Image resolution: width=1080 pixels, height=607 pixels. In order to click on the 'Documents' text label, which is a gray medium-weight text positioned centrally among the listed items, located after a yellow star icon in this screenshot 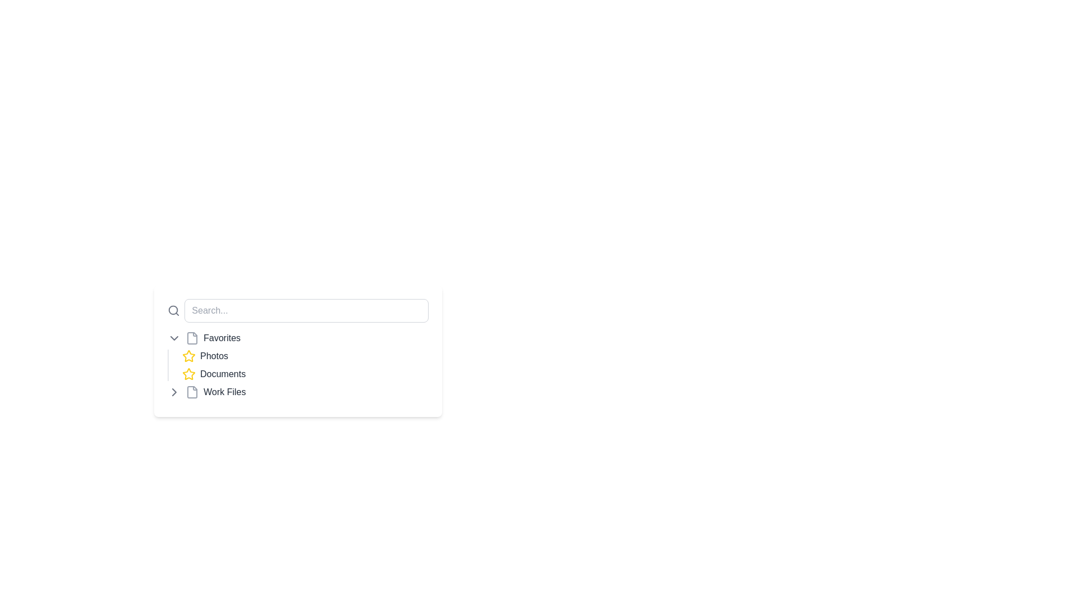, I will do `click(223, 374)`.